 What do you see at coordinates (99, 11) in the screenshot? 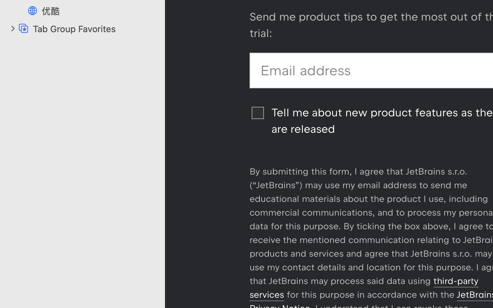
I see `'优酷'` at bounding box center [99, 11].